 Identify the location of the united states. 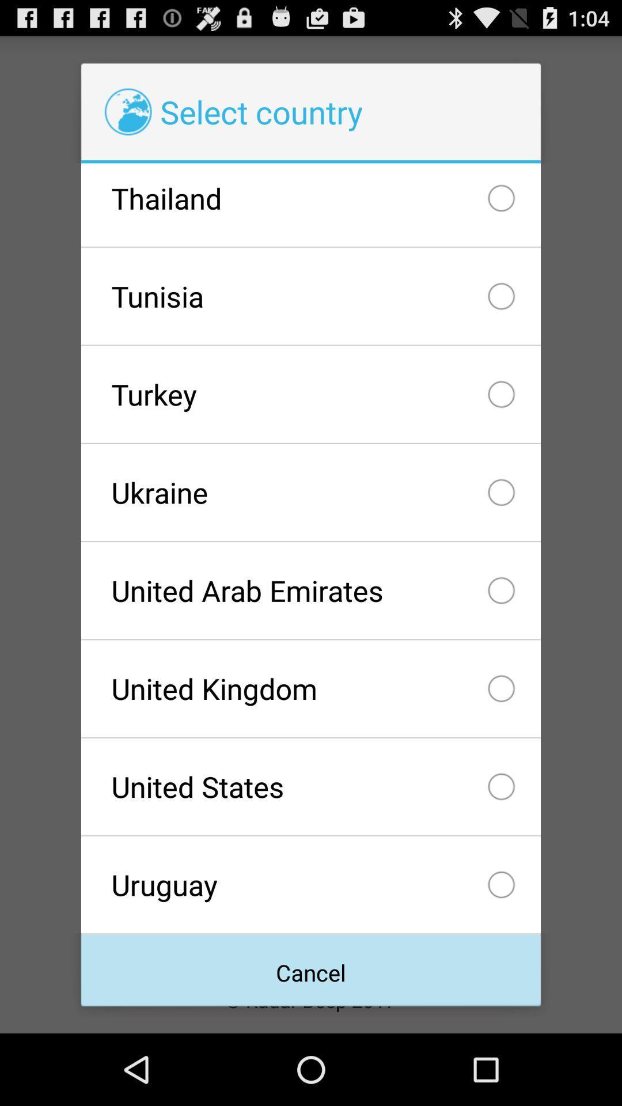
(311, 786).